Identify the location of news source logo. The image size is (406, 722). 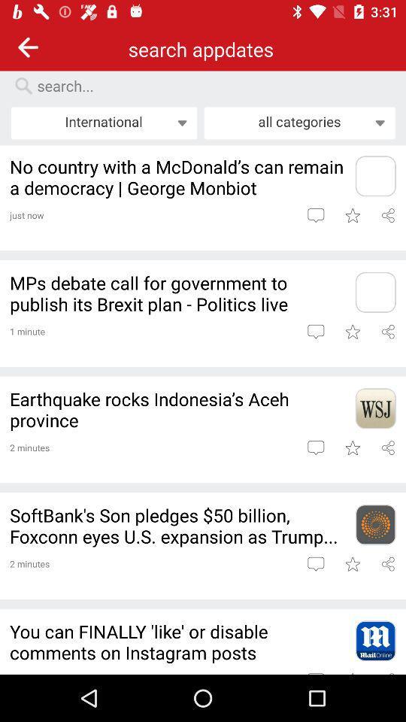
(374, 291).